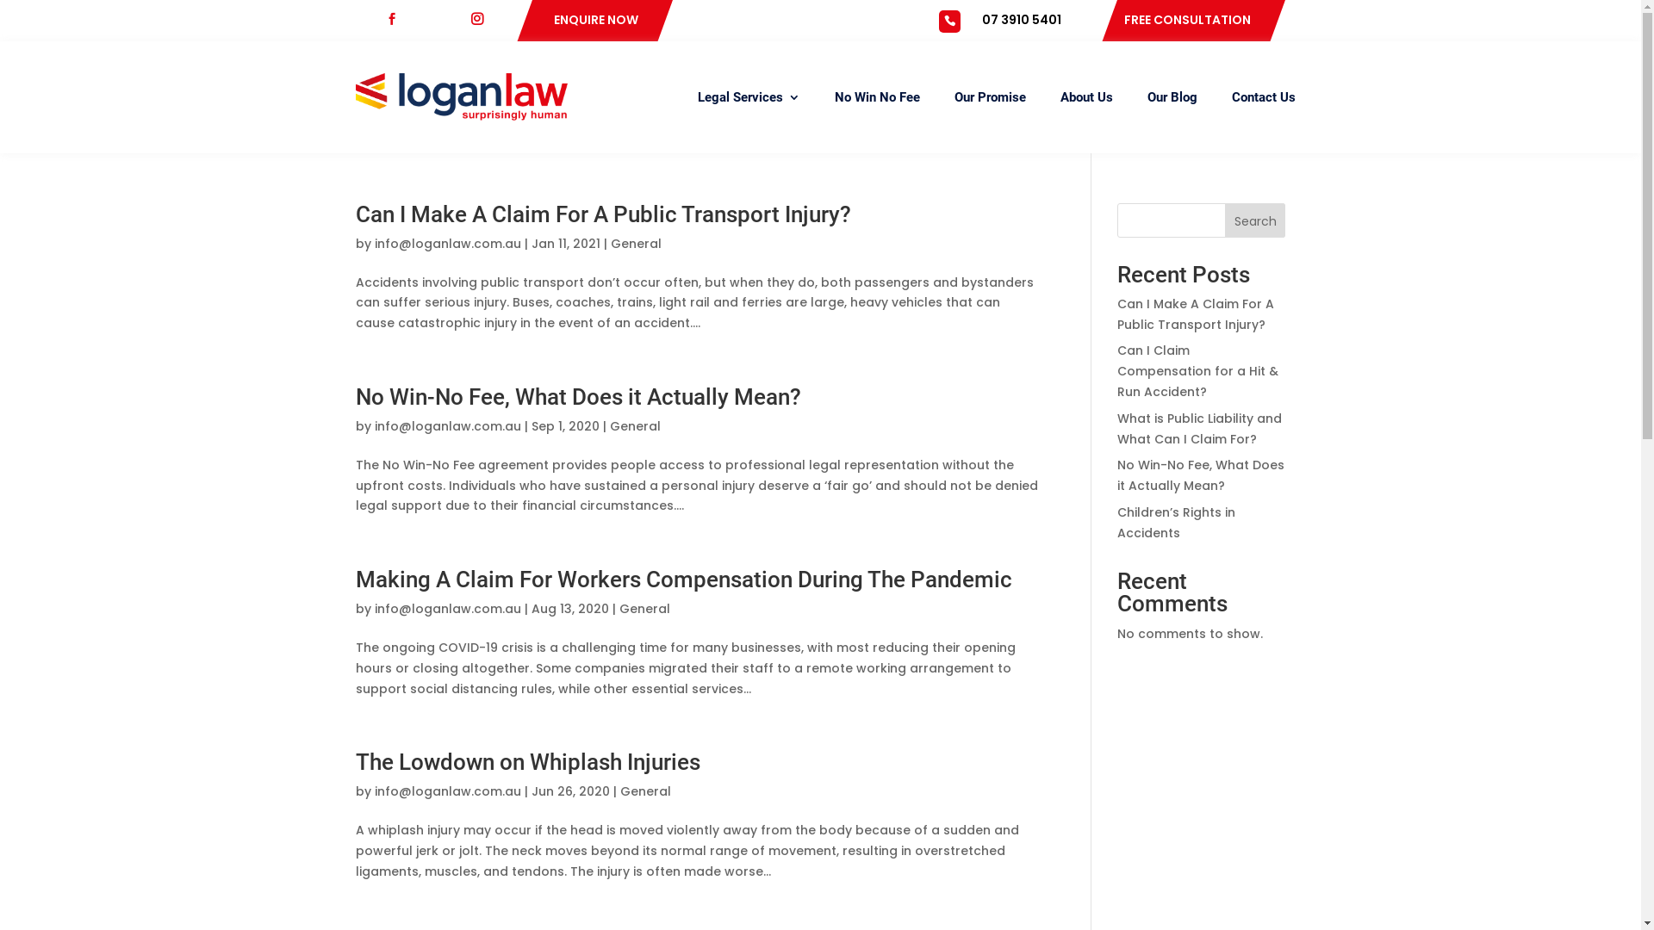 This screenshot has height=930, width=1654. Describe the element at coordinates (1199, 474) in the screenshot. I see `'No Win-No Fee, What Does it Actually Mean?'` at that location.